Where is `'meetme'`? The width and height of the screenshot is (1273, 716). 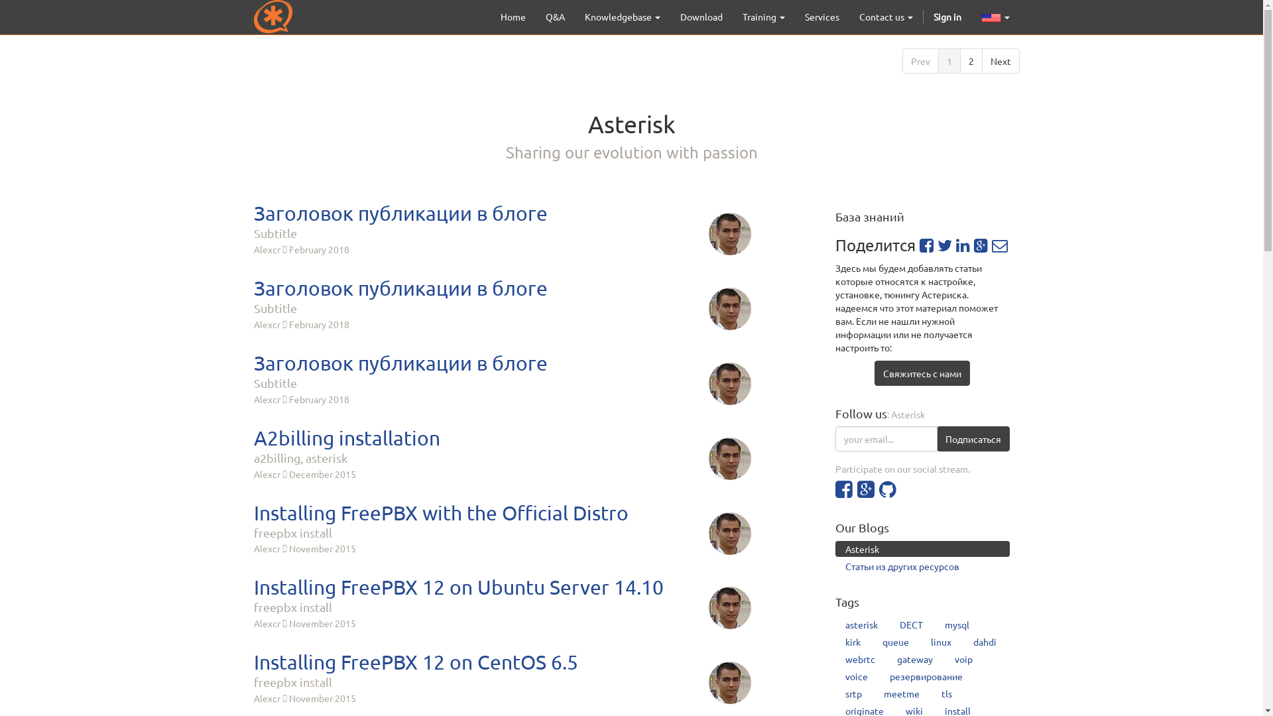 'meetme' is located at coordinates (901, 692).